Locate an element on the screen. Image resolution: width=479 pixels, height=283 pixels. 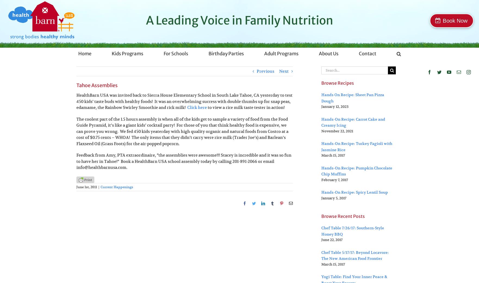
'Seedlings, Ages 3-5' is located at coordinates (133, 83).